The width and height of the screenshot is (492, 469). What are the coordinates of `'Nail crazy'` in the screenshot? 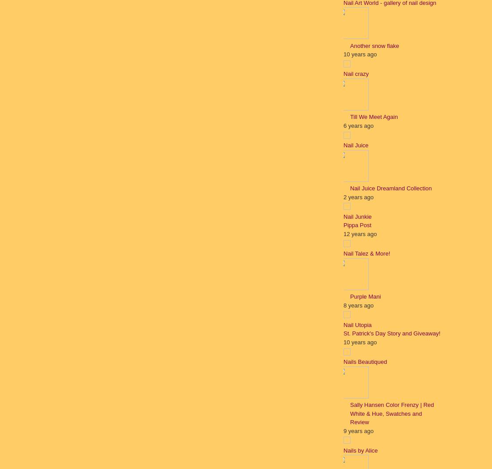 It's located at (343, 74).